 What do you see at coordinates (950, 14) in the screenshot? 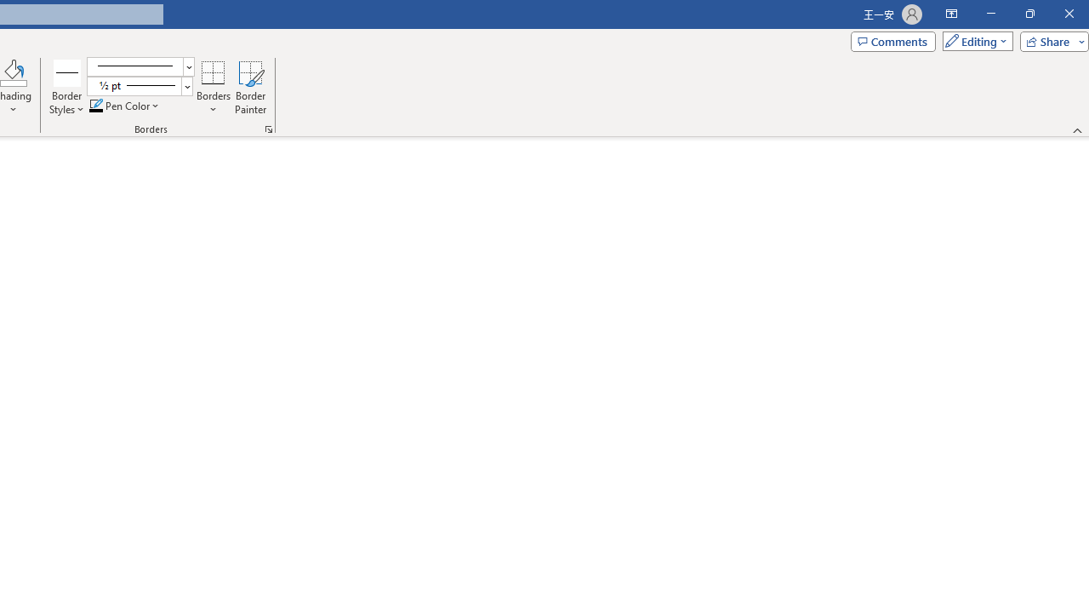
I see `'Ribbon Display Options'` at bounding box center [950, 14].